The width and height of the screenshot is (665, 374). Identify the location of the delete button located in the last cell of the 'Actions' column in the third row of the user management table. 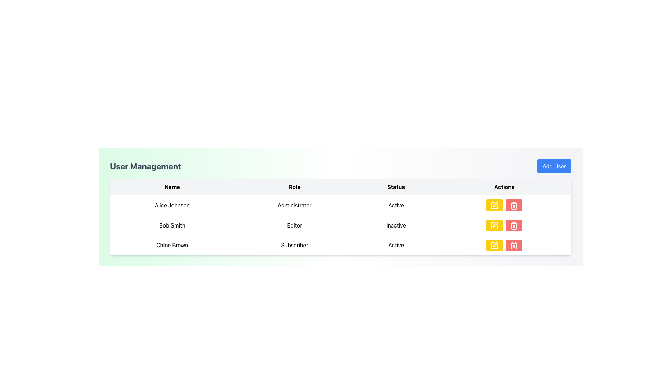
(514, 245).